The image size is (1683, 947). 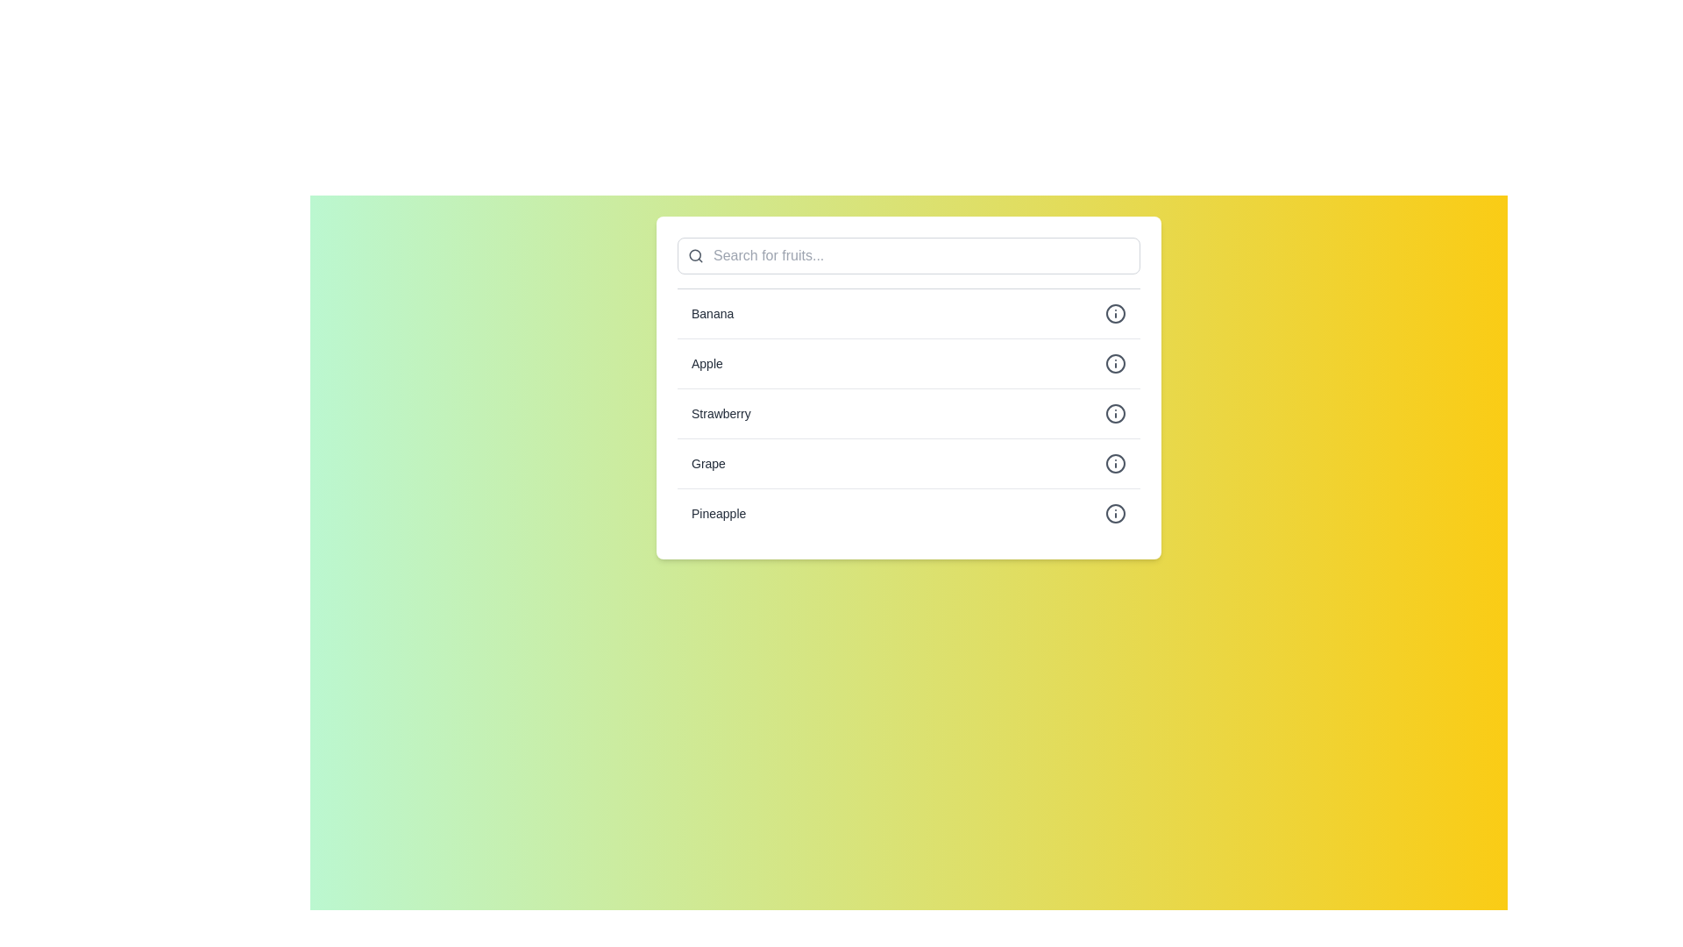 I want to click on the fourth row of the selectable list item located between 'Strawberry' and 'Pineapple', so click(x=908, y=462).